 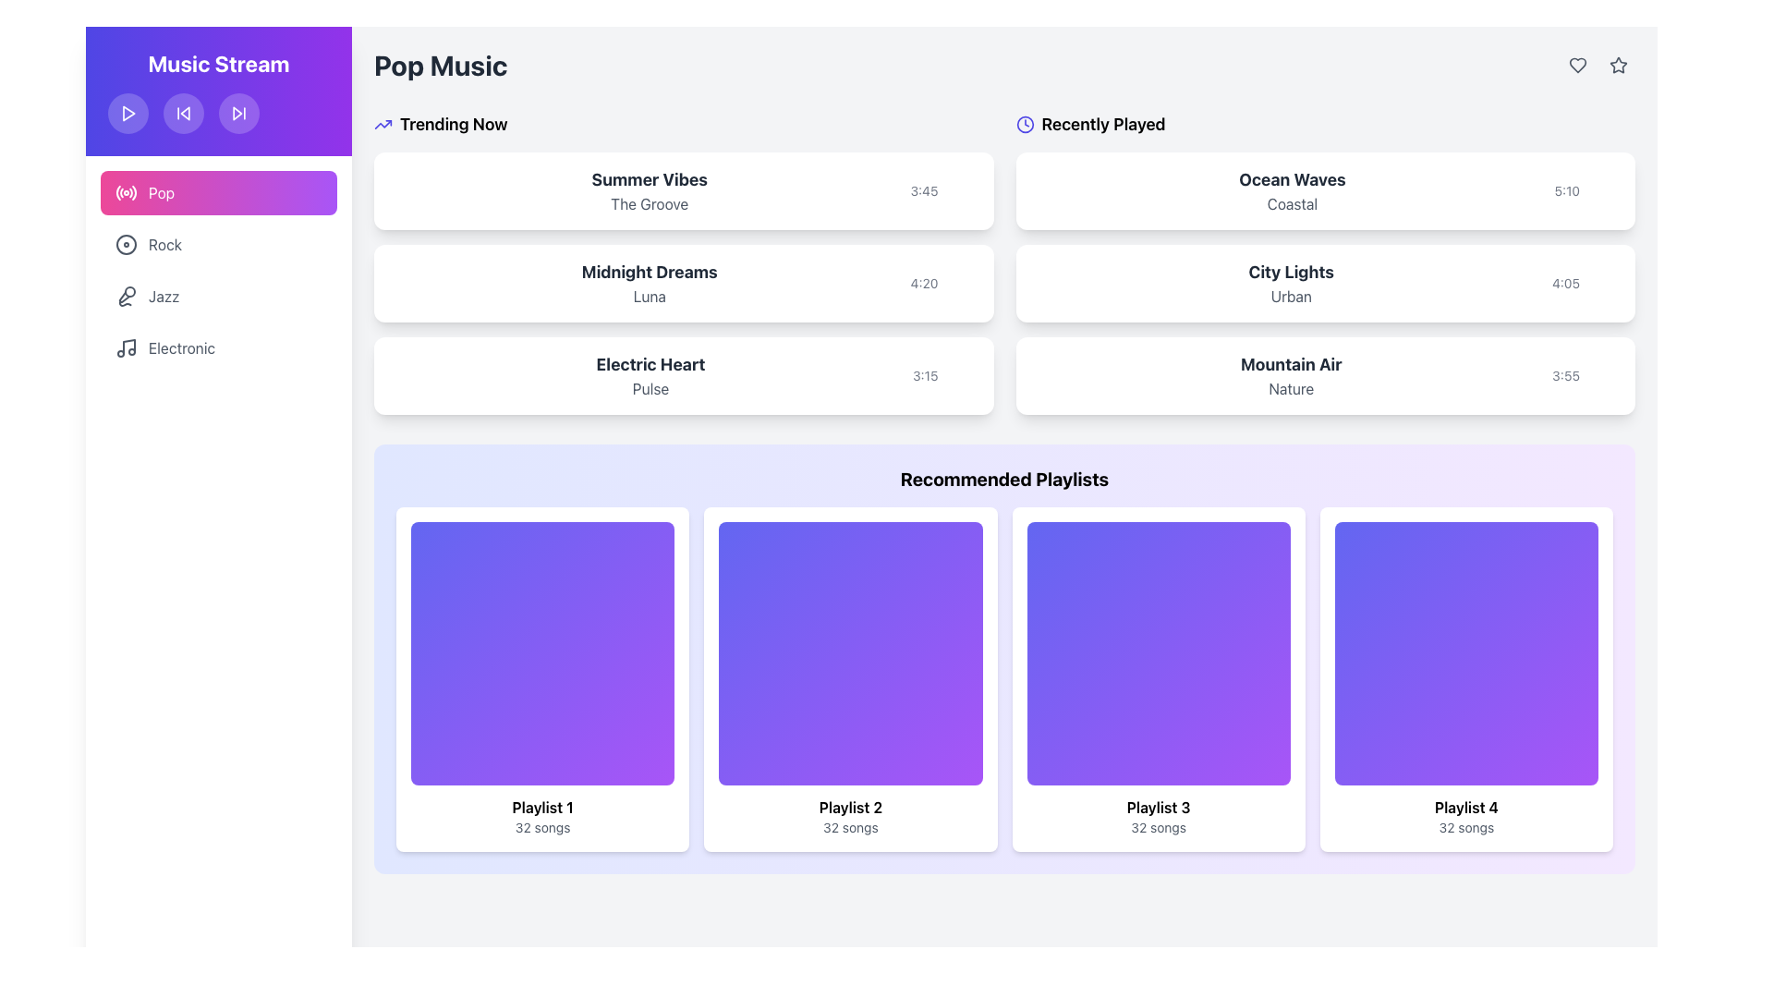 What do you see at coordinates (650, 203) in the screenshot?
I see `the static text label indicating additional information or a subtitle related to 'Summer Vibes', located below the title in the 'Trending Now' panel` at bounding box center [650, 203].